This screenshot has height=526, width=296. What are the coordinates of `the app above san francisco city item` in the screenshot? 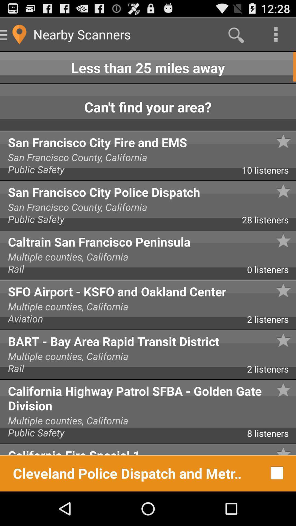 It's located at (294, 122).